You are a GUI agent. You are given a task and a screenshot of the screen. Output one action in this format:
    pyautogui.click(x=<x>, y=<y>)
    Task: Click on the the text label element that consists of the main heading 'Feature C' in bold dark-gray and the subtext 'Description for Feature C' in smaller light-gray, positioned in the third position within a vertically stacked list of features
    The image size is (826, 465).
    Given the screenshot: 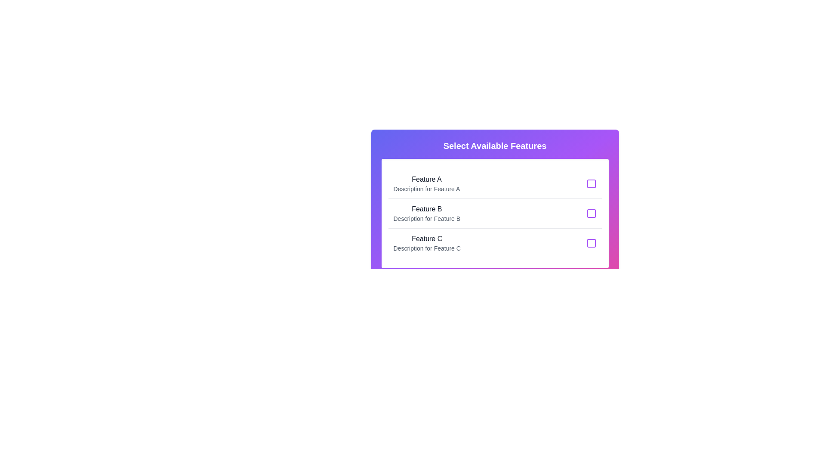 What is the action you would take?
    pyautogui.click(x=427, y=243)
    